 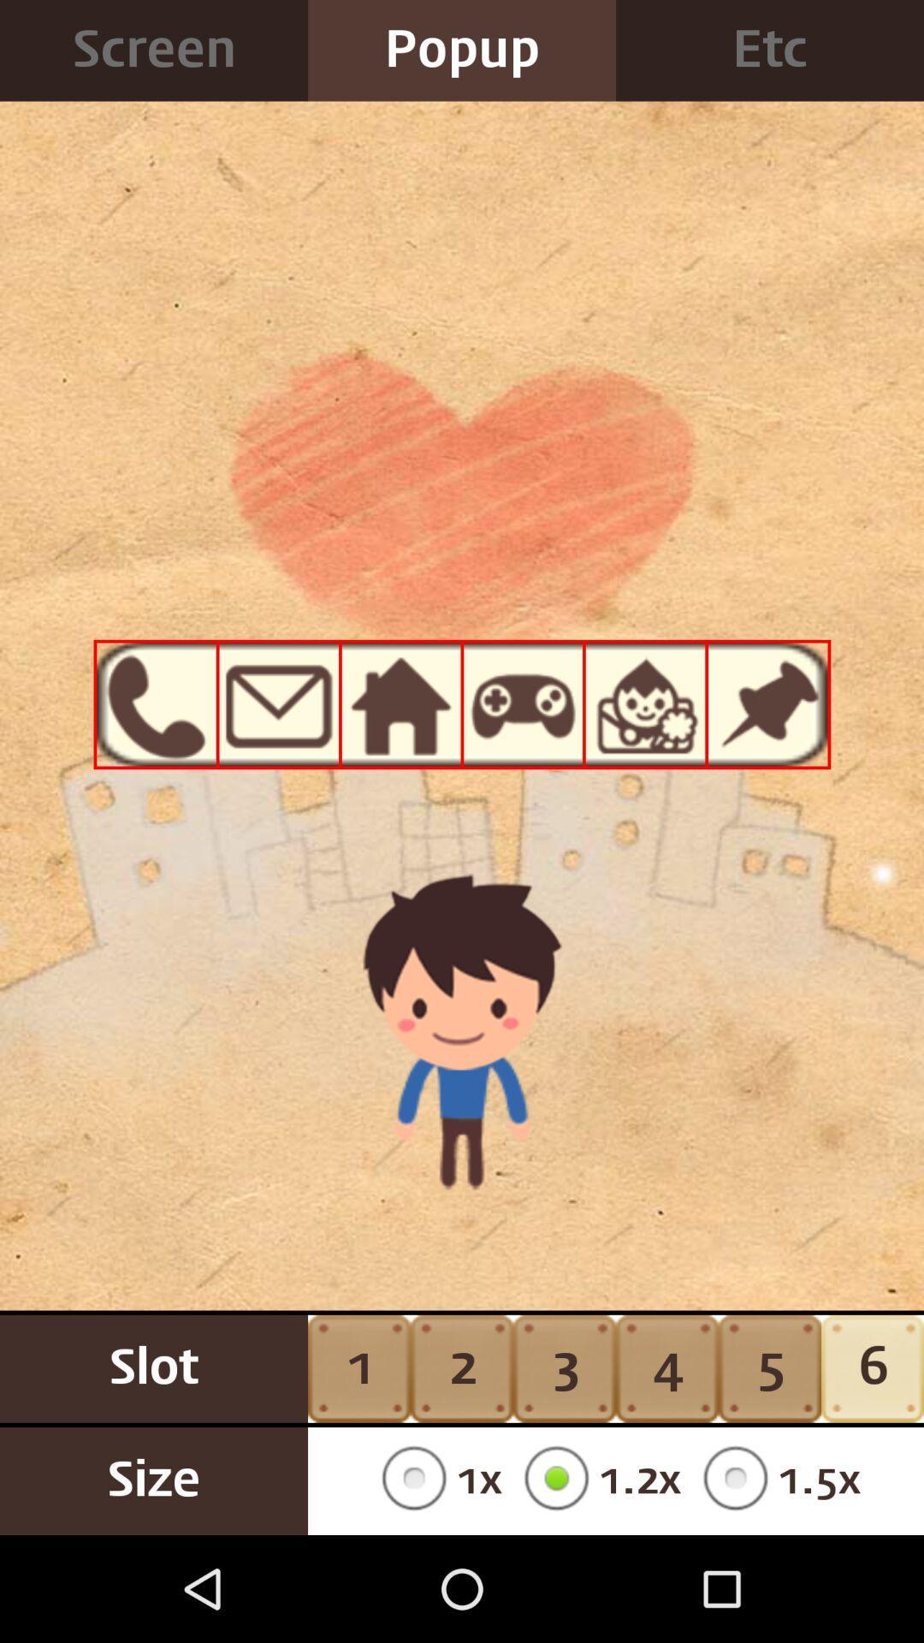 I want to click on the 1x radio button, so click(x=435, y=1480).